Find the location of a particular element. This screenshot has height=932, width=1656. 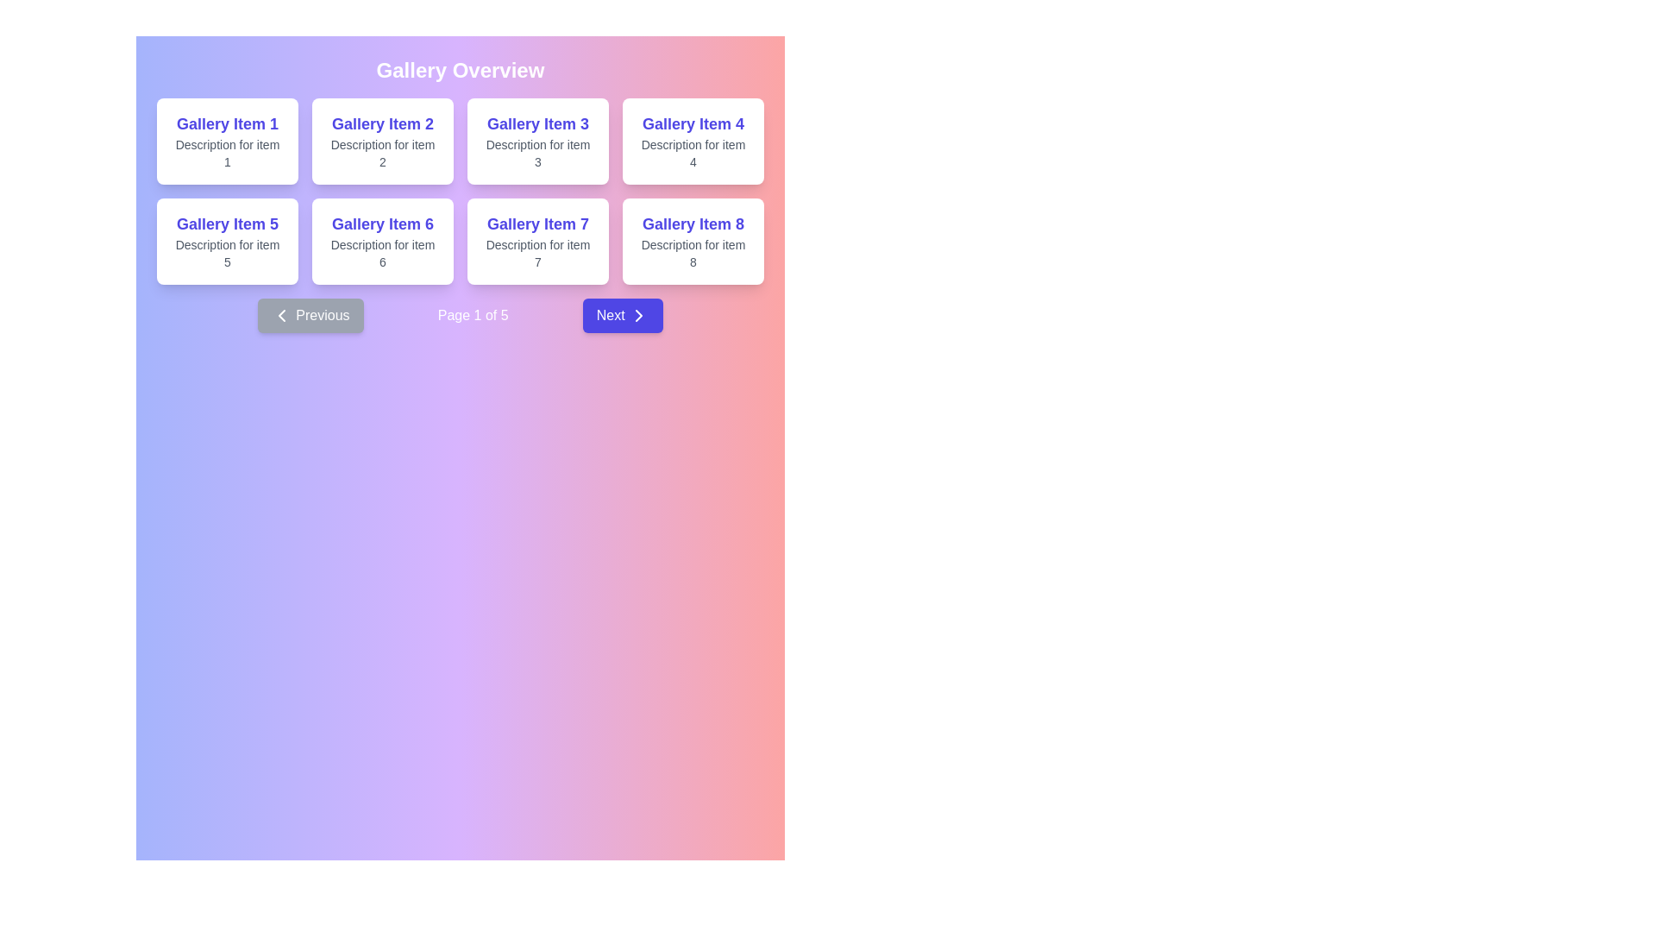

the bold text label that reads 'Gallery Item 6', which is prominently displayed in the sixth card of a grid layout is located at coordinates (382, 223).